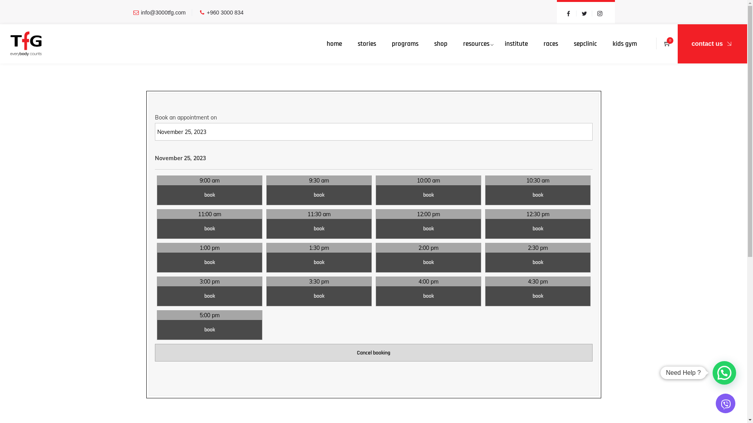  I want to click on 'shop', so click(440, 43).